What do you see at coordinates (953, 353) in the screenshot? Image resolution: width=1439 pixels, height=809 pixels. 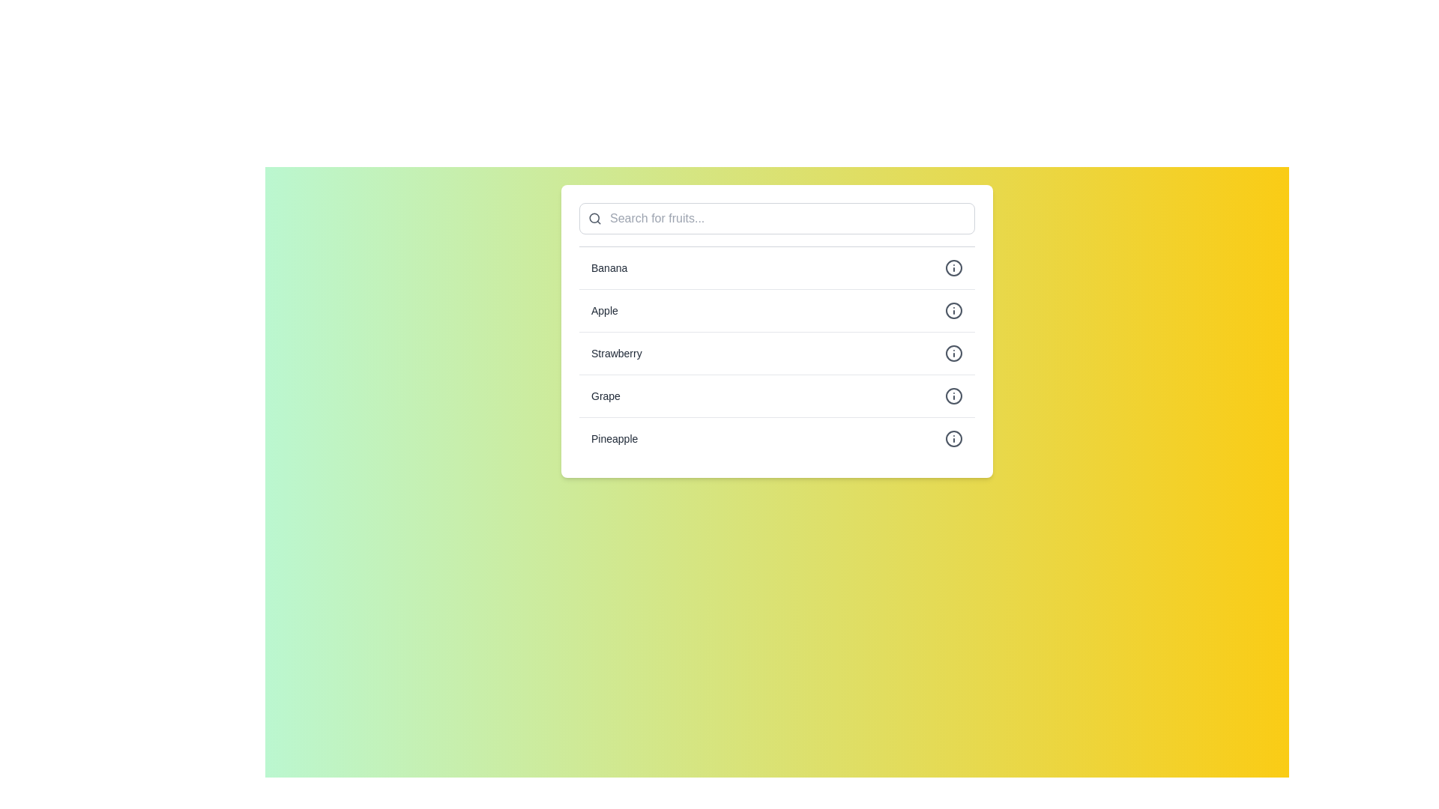 I see `the icon button located on the far right side of the row labeled 'Strawberry'` at bounding box center [953, 353].